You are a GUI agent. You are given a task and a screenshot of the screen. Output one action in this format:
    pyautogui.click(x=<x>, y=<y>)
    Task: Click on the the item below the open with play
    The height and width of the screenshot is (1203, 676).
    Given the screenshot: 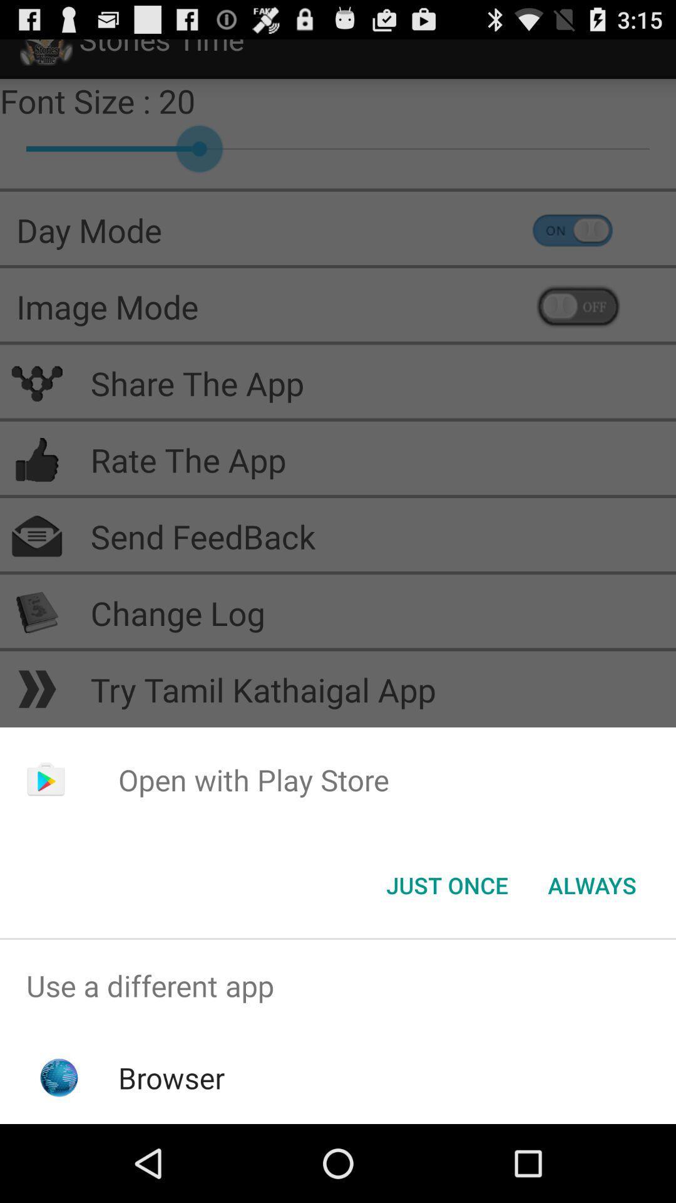 What is the action you would take?
    pyautogui.click(x=591, y=884)
    